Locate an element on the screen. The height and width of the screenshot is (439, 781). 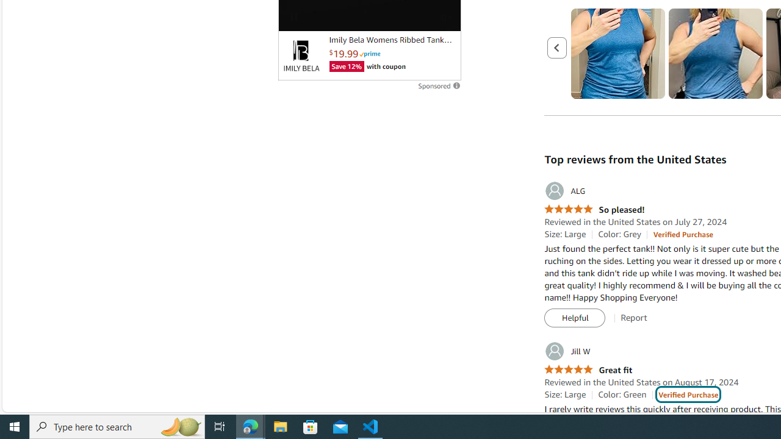
'Logo' is located at coordinates (301, 55).